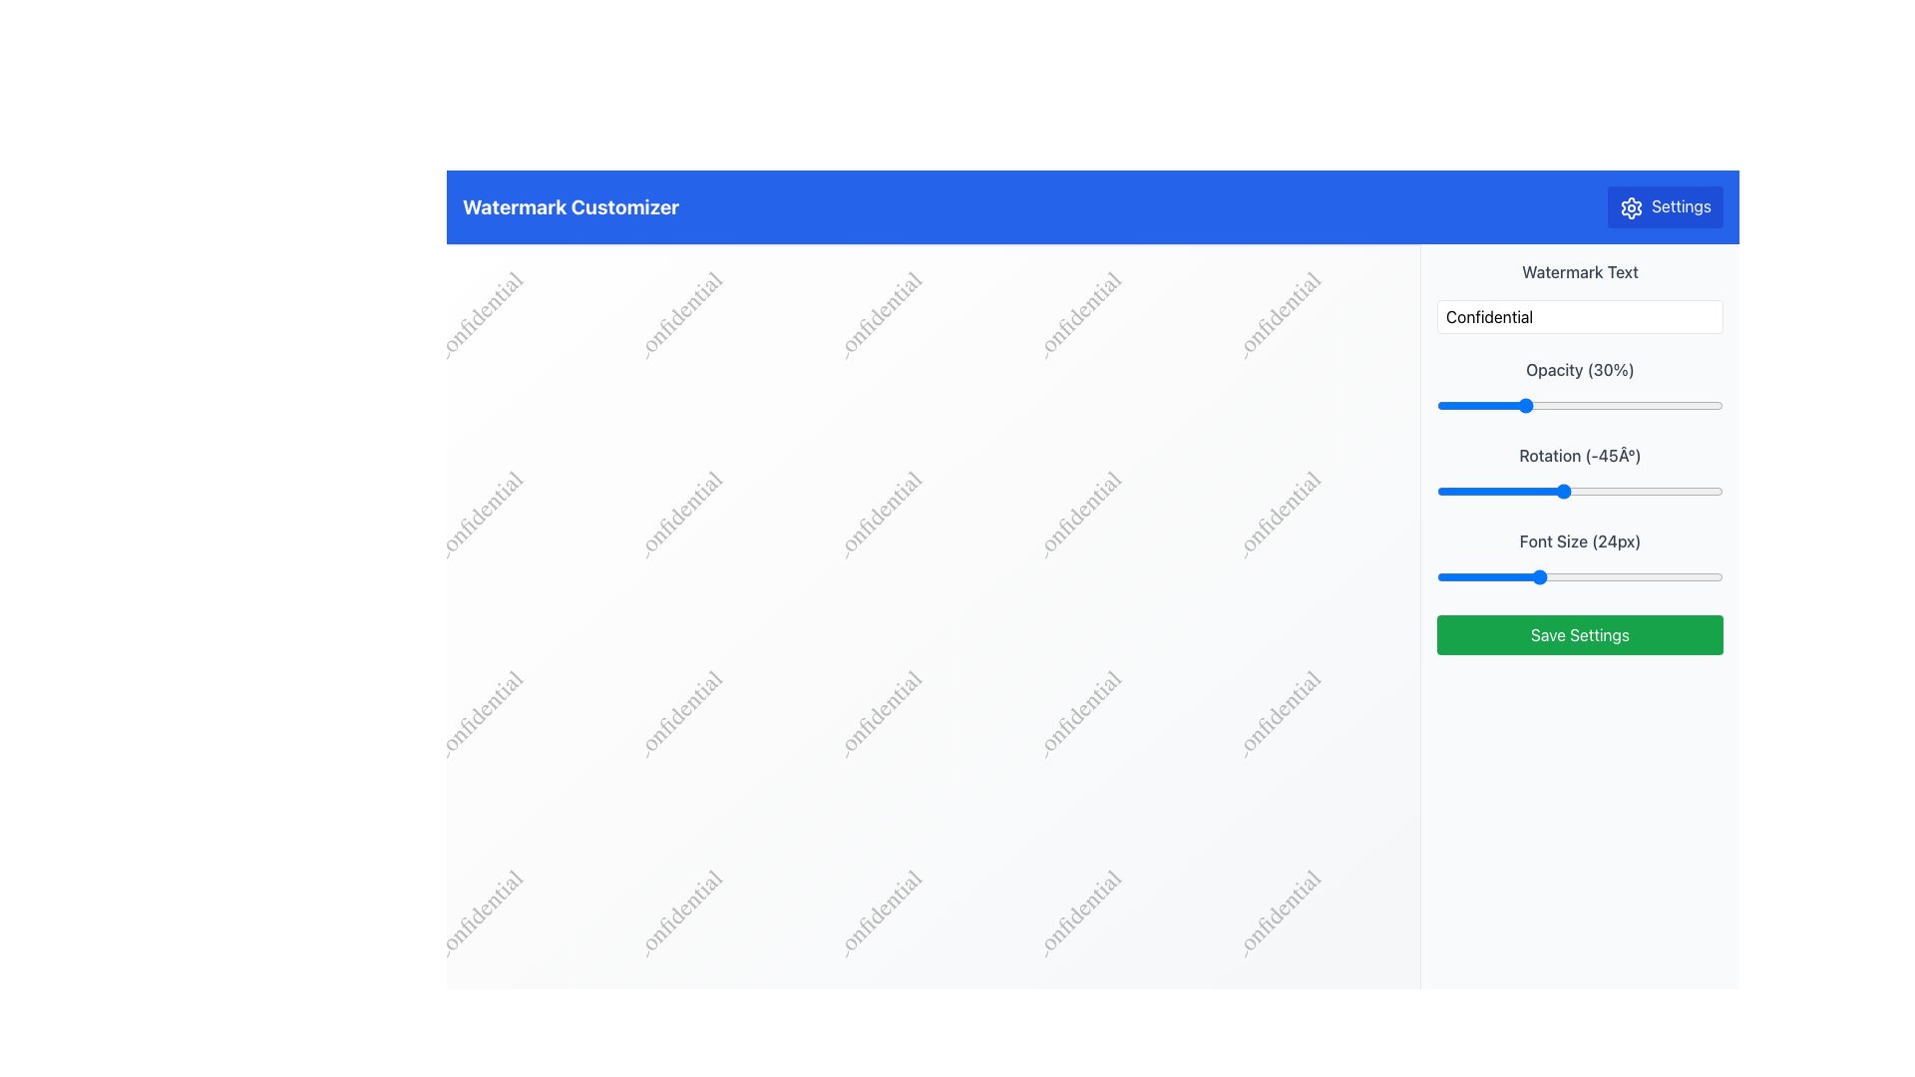 This screenshot has width=1915, height=1077. I want to click on the slider labeled 'Rotation (-45°)', so click(1579, 474).